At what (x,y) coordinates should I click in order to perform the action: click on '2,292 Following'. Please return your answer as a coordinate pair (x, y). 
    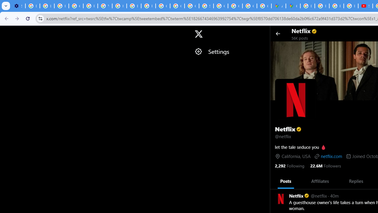
    Looking at the image, I should click on (289, 165).